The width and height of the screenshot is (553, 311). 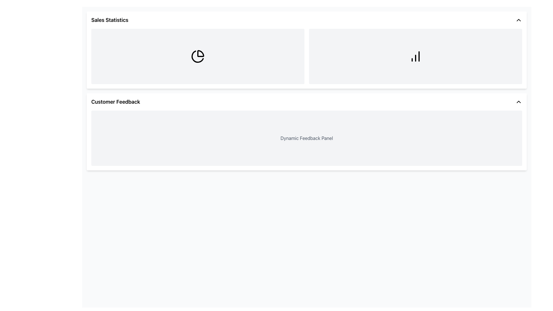 What do you see at coordinates (306, 138) in the screenshot?
I see `the Text Label that serves as a title for the 'Customer Feedback' section, which is centrally positioned within a gray rectangular area` at bounding box center [306, 138].